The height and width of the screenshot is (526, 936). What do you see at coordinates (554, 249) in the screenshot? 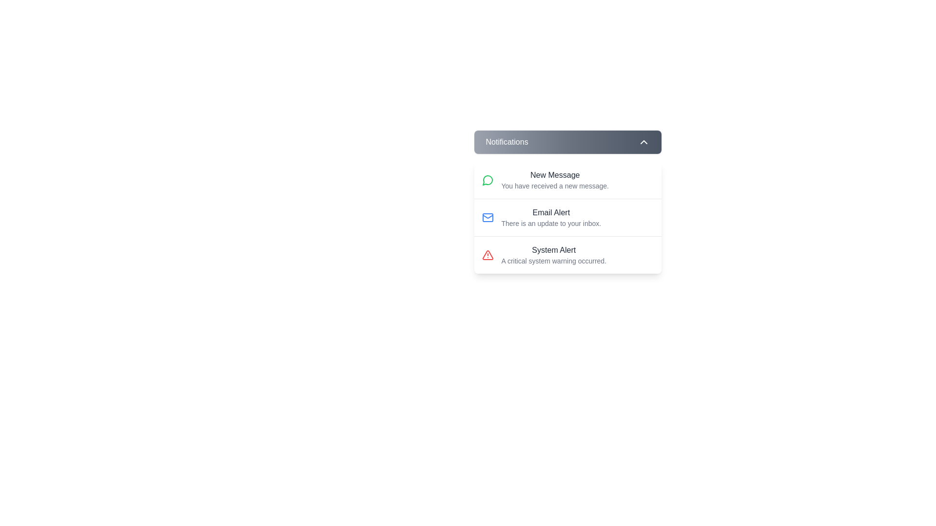
I see `the primary header Label of the notification card located at the bottom of the notification dropdown, which indicates the type or category of the notification` at bounding box center [554, 249].